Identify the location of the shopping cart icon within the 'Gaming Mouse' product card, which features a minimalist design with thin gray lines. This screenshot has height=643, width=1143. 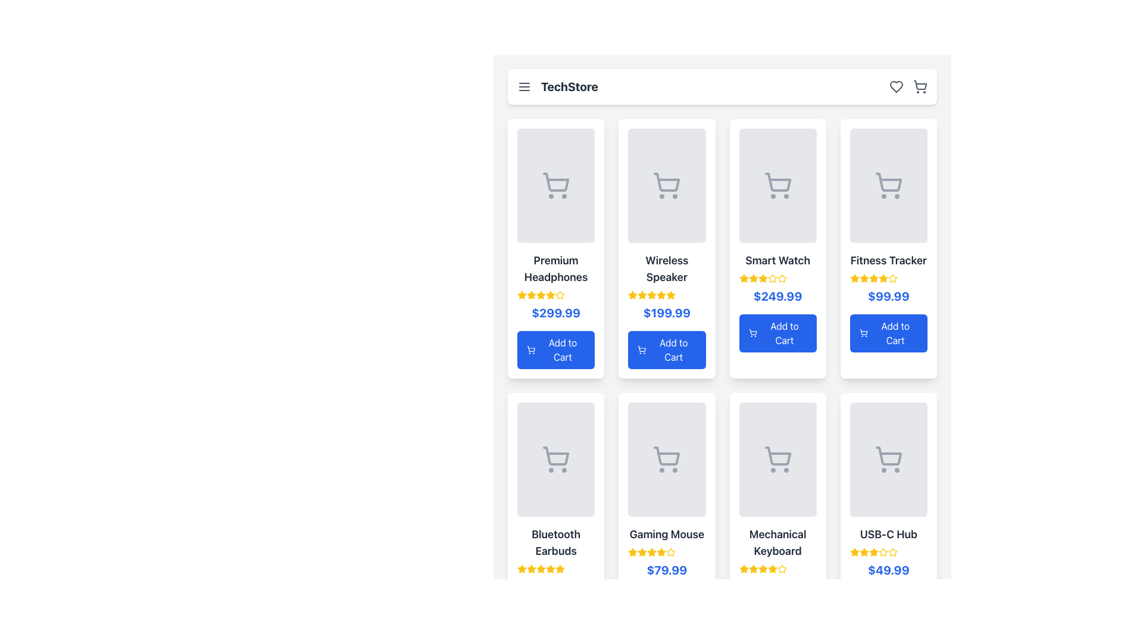
(667, 455).